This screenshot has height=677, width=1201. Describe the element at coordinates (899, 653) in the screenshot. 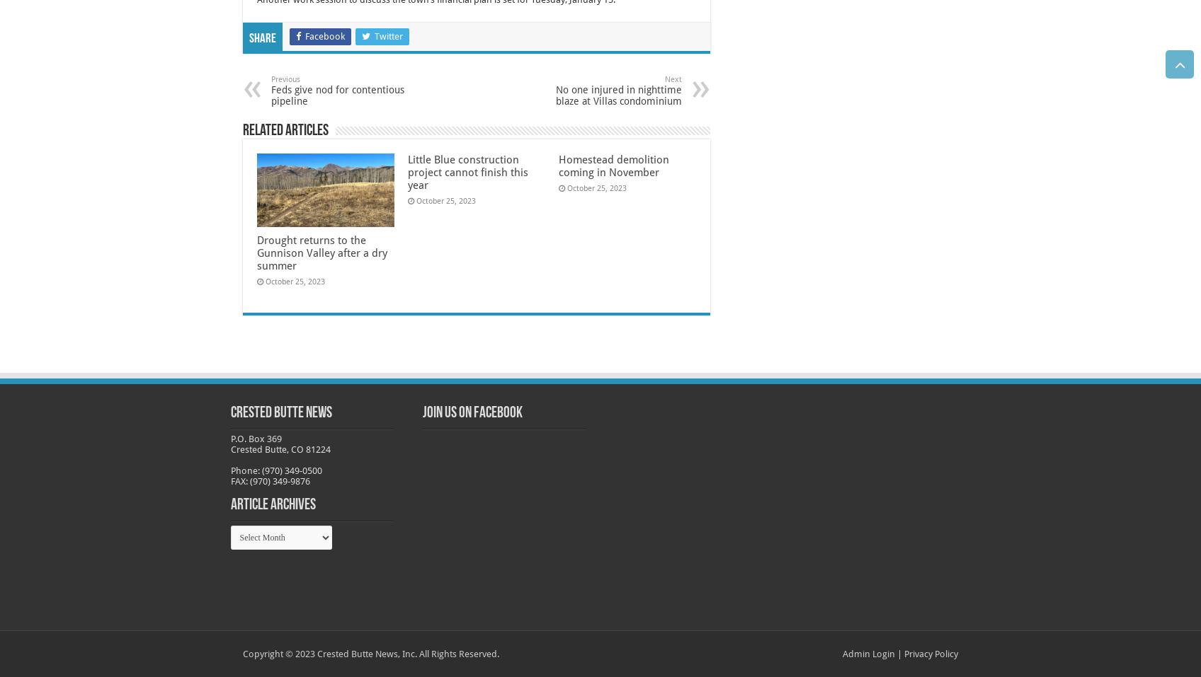

I see `'|'` at that location.